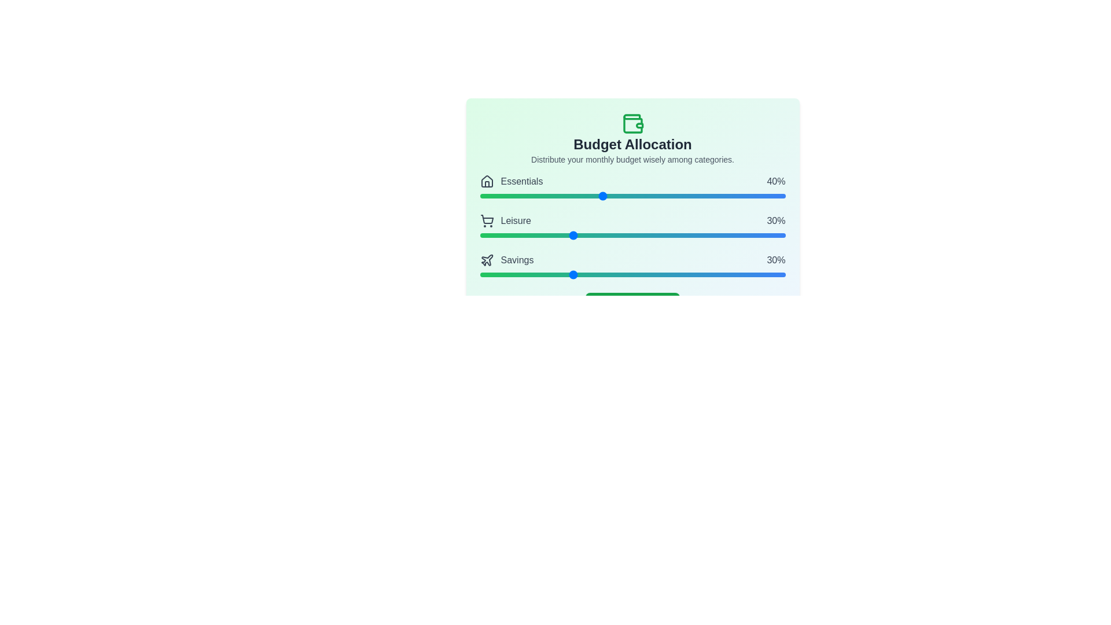  Describe the element at coordinates (486, 274) in the screenshot. I see `the 'Savings' slider to set its value to 2` at that location.